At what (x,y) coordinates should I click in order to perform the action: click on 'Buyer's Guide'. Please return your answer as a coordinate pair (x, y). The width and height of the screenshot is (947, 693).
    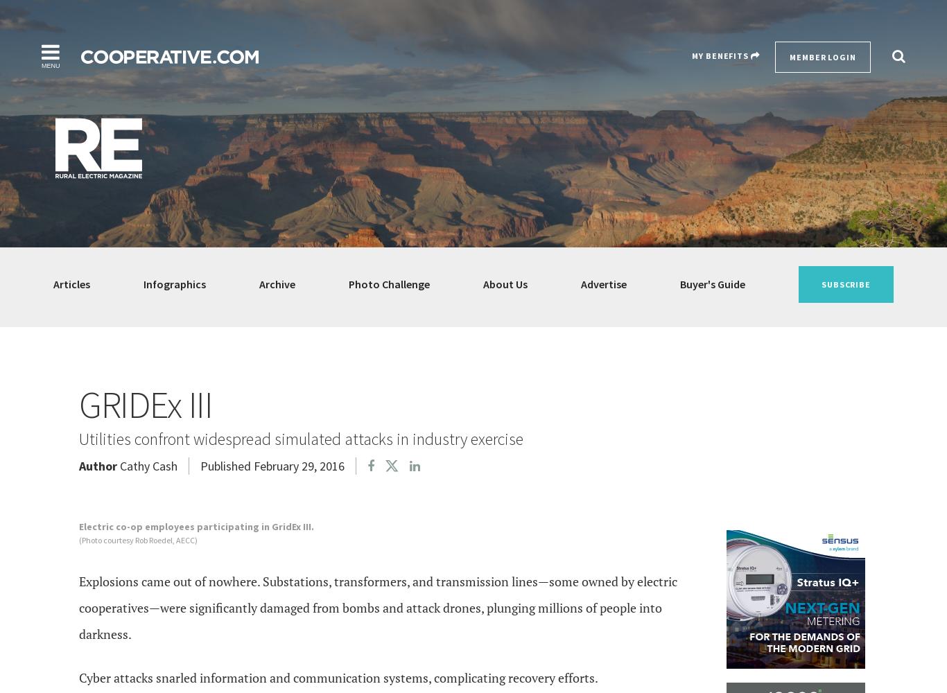
    Looking at the image, I should click on (712, 284).